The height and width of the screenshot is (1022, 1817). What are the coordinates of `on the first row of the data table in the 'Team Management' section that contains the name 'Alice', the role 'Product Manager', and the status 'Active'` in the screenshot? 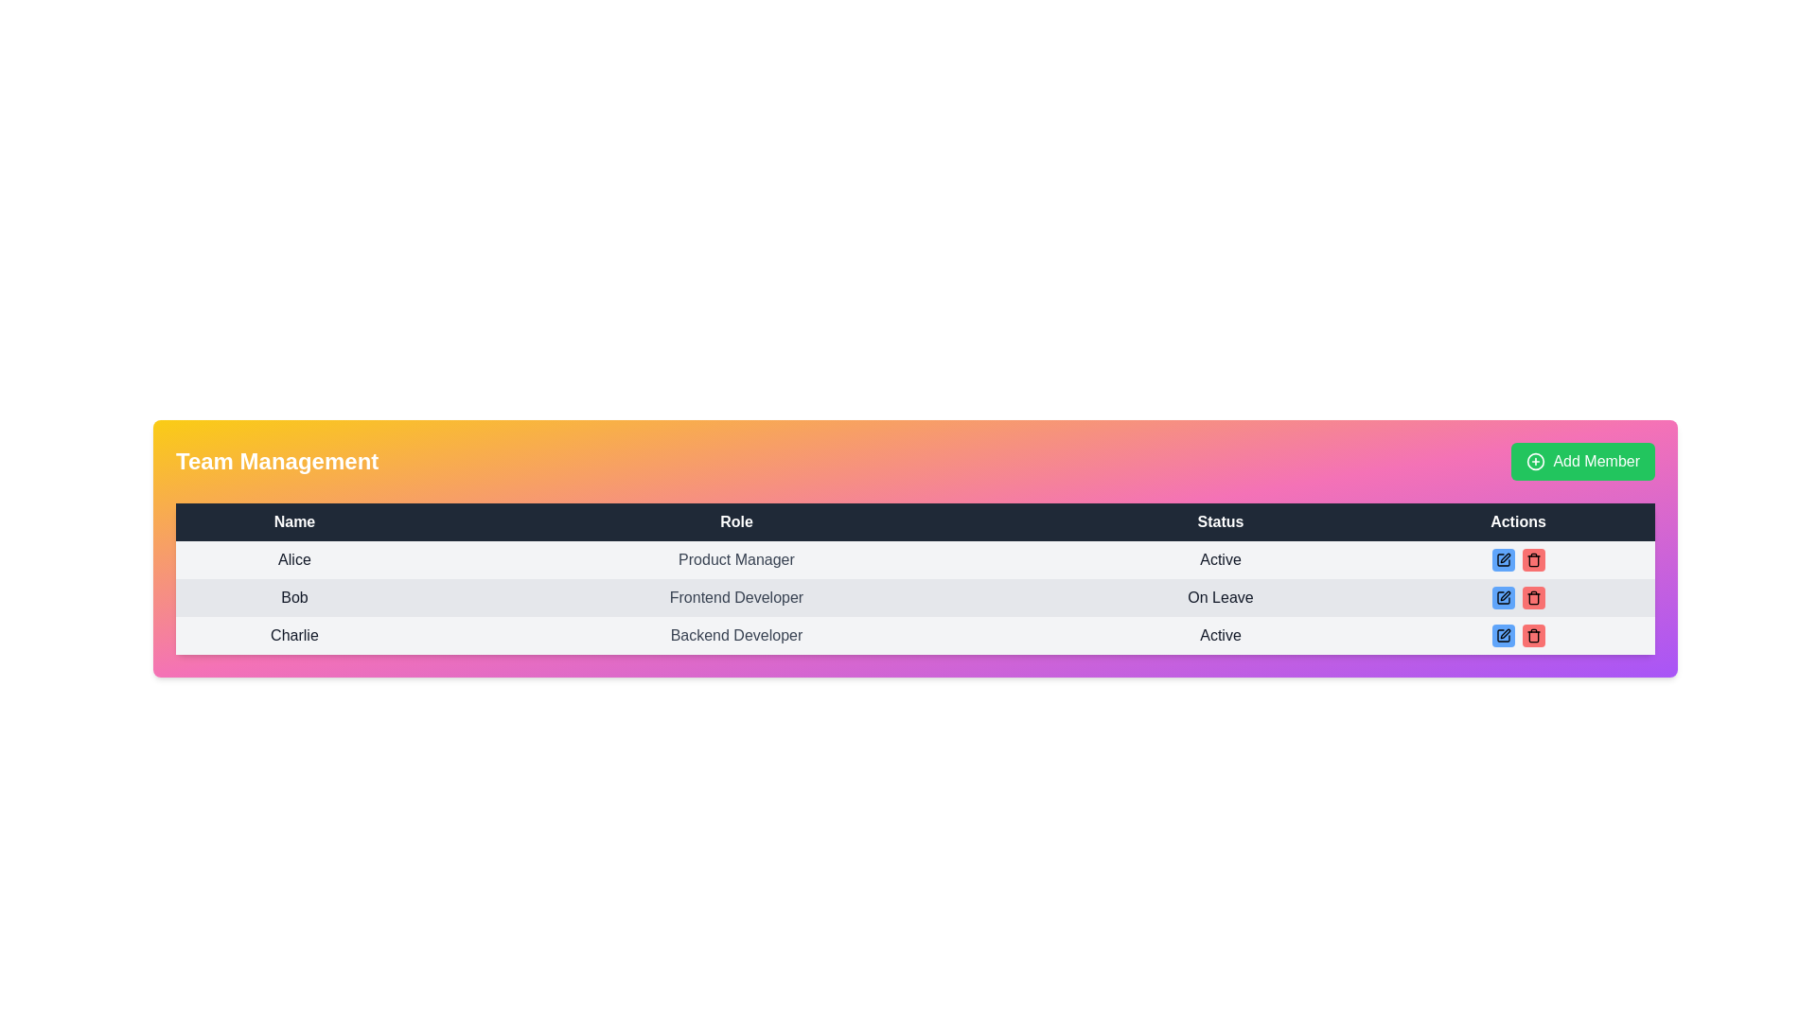 It's located at (915, 558).